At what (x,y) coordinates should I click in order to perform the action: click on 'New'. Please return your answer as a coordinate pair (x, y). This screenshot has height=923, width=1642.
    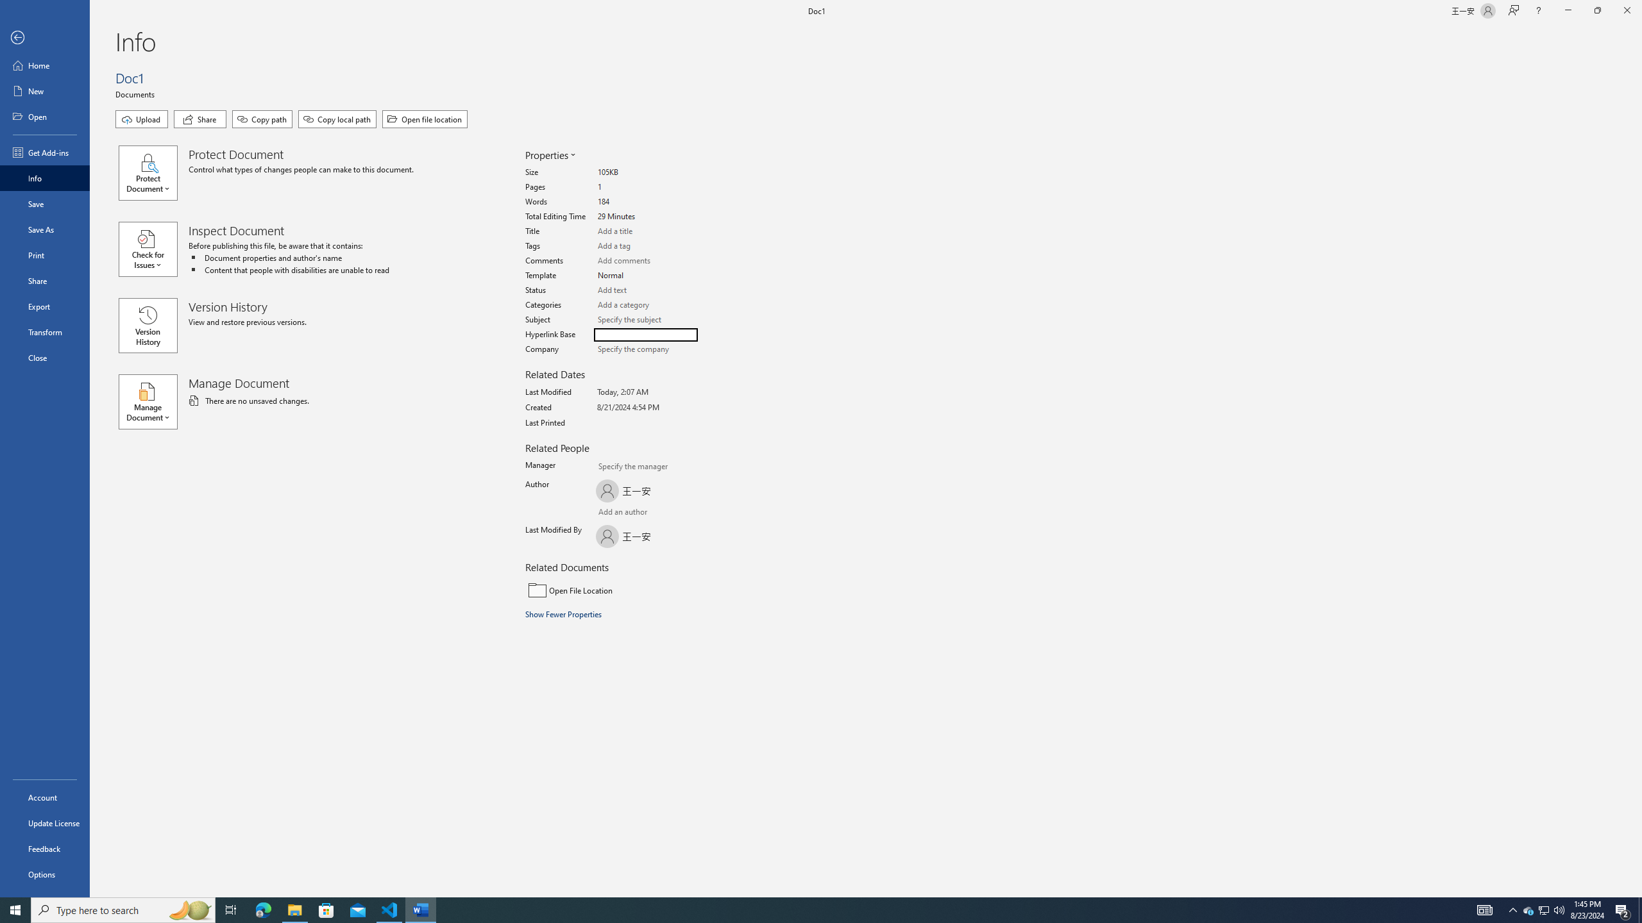
    Looking at the image, I should click on (44, 90).